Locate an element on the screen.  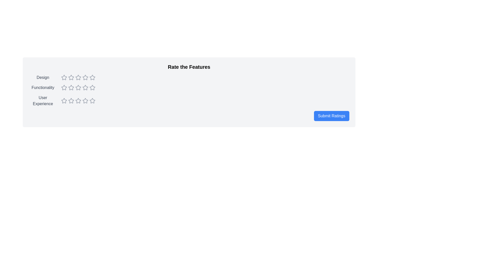
the first star-shaped icon in the rating component for 'Design' is located at coordinates (64, 77).